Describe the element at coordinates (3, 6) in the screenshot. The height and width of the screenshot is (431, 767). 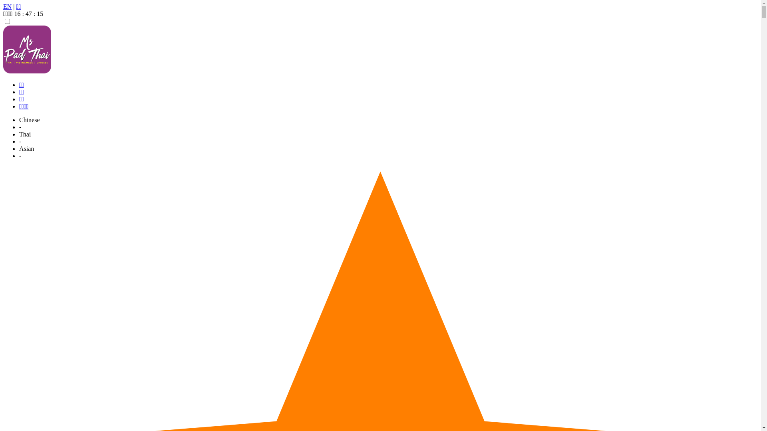
I see `'EN'` at that location.